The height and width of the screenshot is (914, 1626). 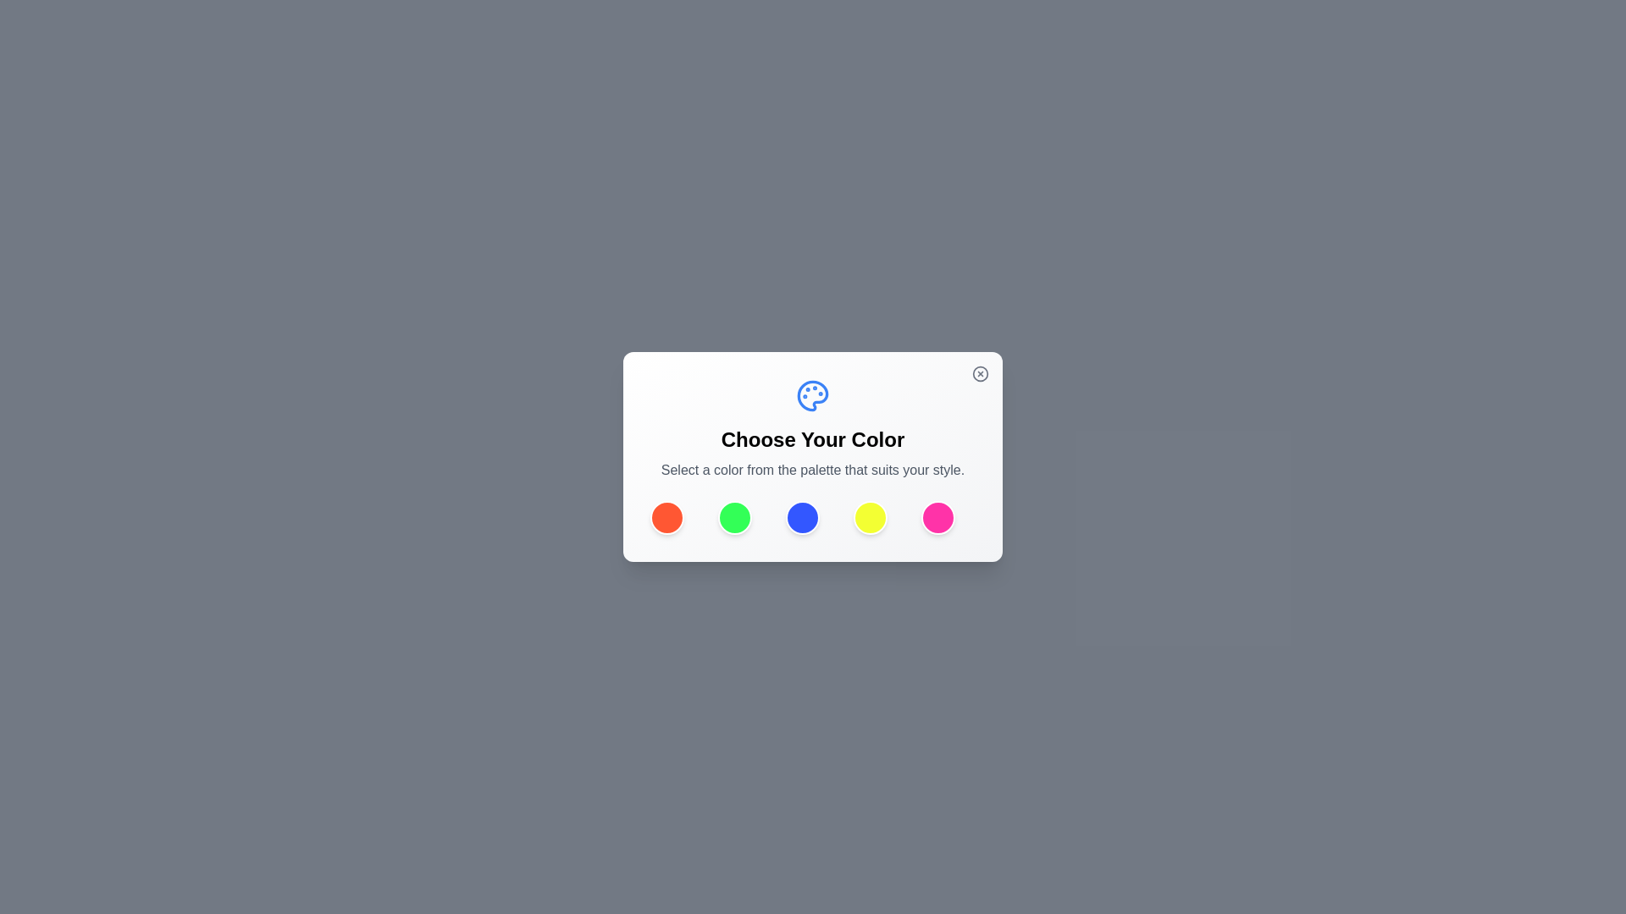 I want to click on the color button corresponding to blue, so click(x=802, y=517).